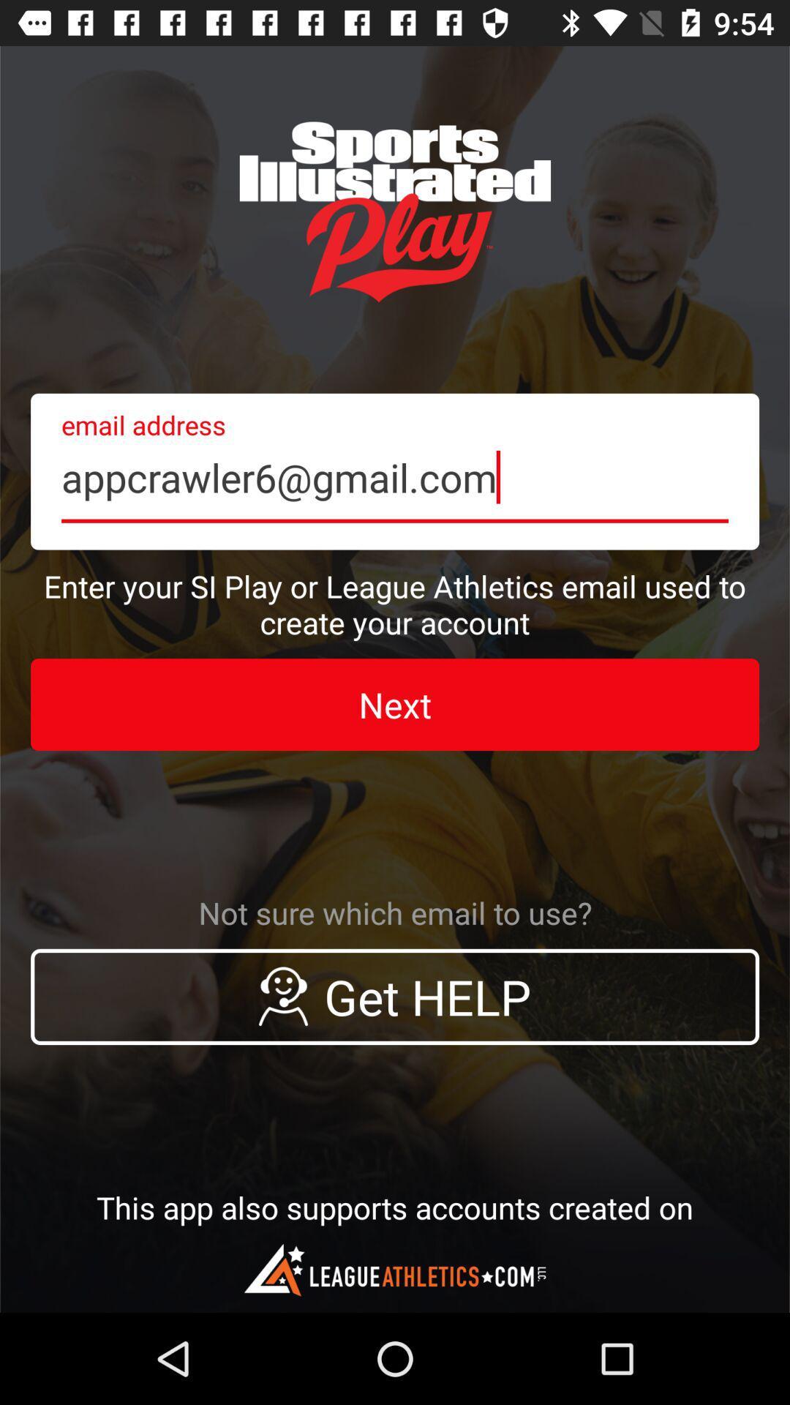 The image size is (790, 1405). Describe the element at coordinates (395, 705) in the screenshot. I see `next item` at that location.